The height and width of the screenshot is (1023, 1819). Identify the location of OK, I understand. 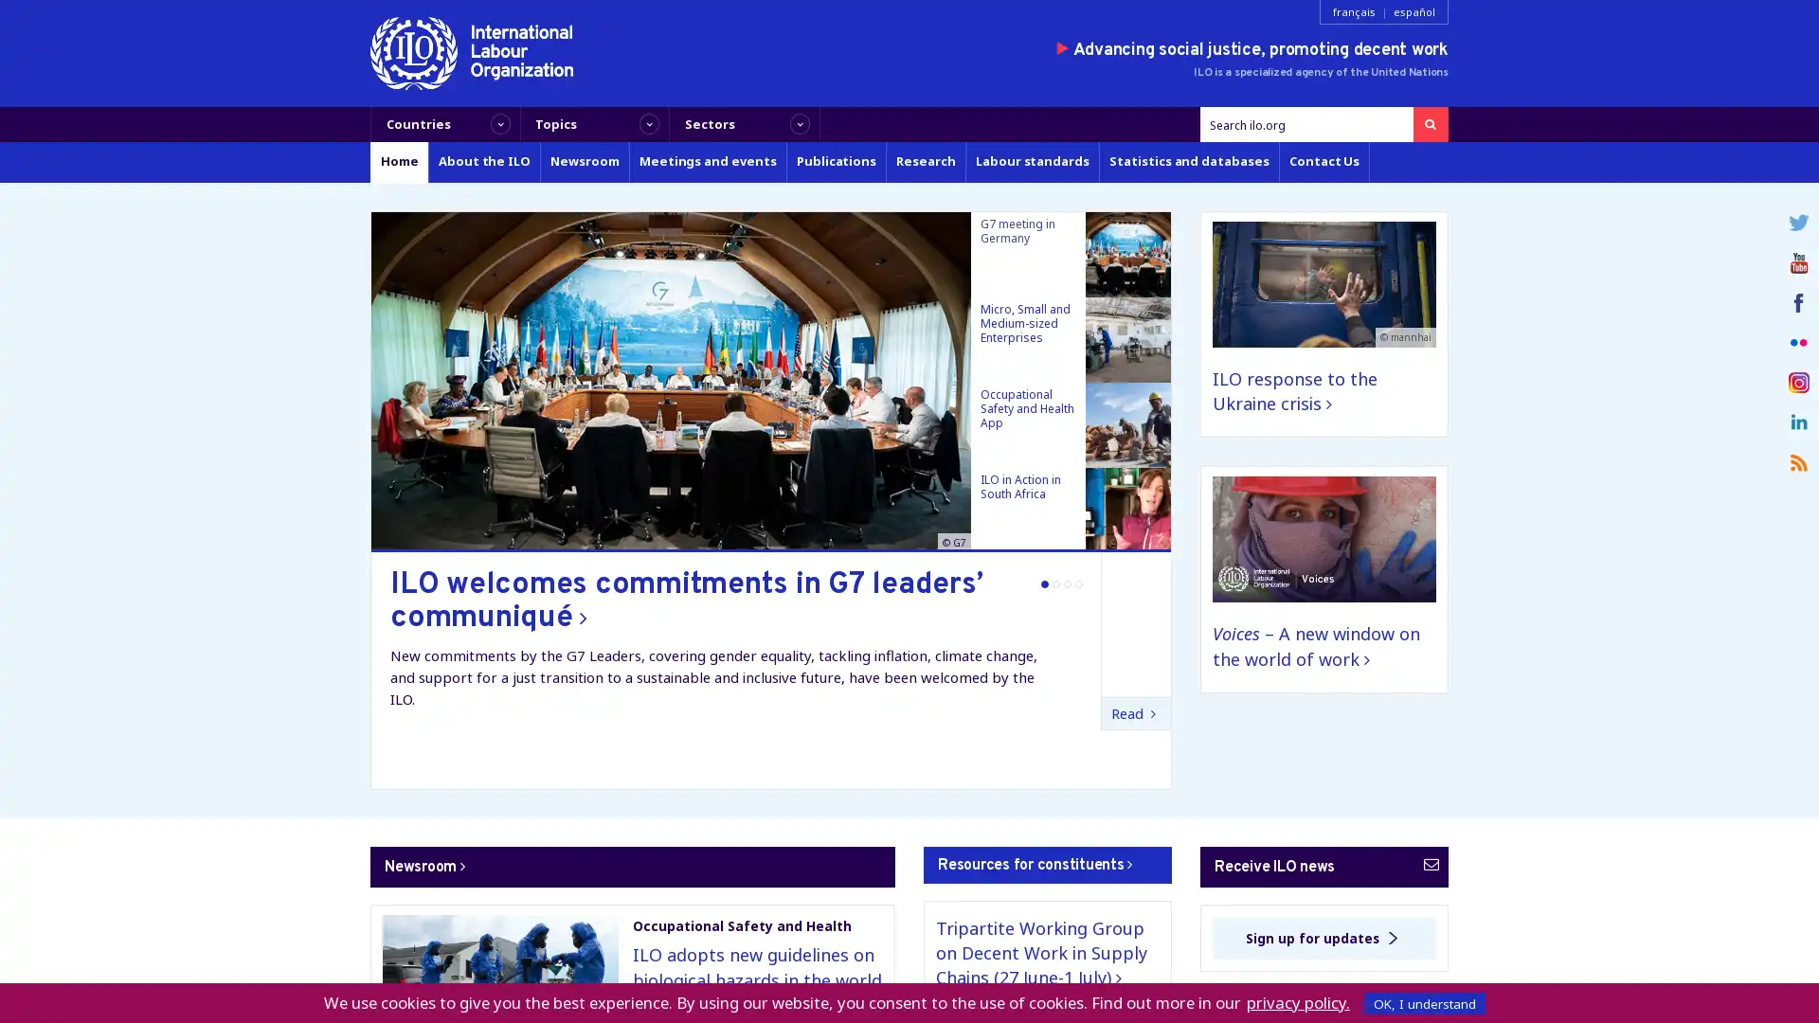
(1424, 1002).